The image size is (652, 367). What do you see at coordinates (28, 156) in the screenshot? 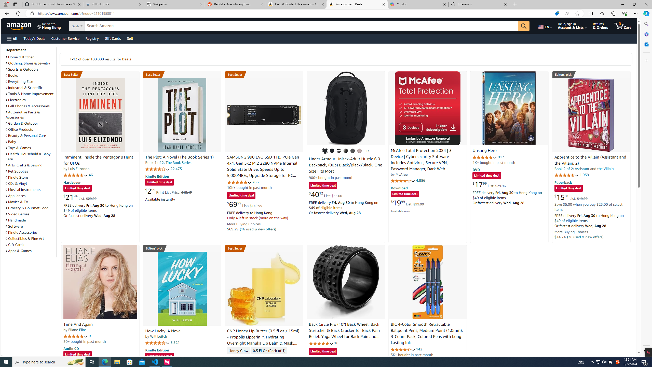
I see `'Health, Household & Baby Care'` at bounding box center [28, 156].